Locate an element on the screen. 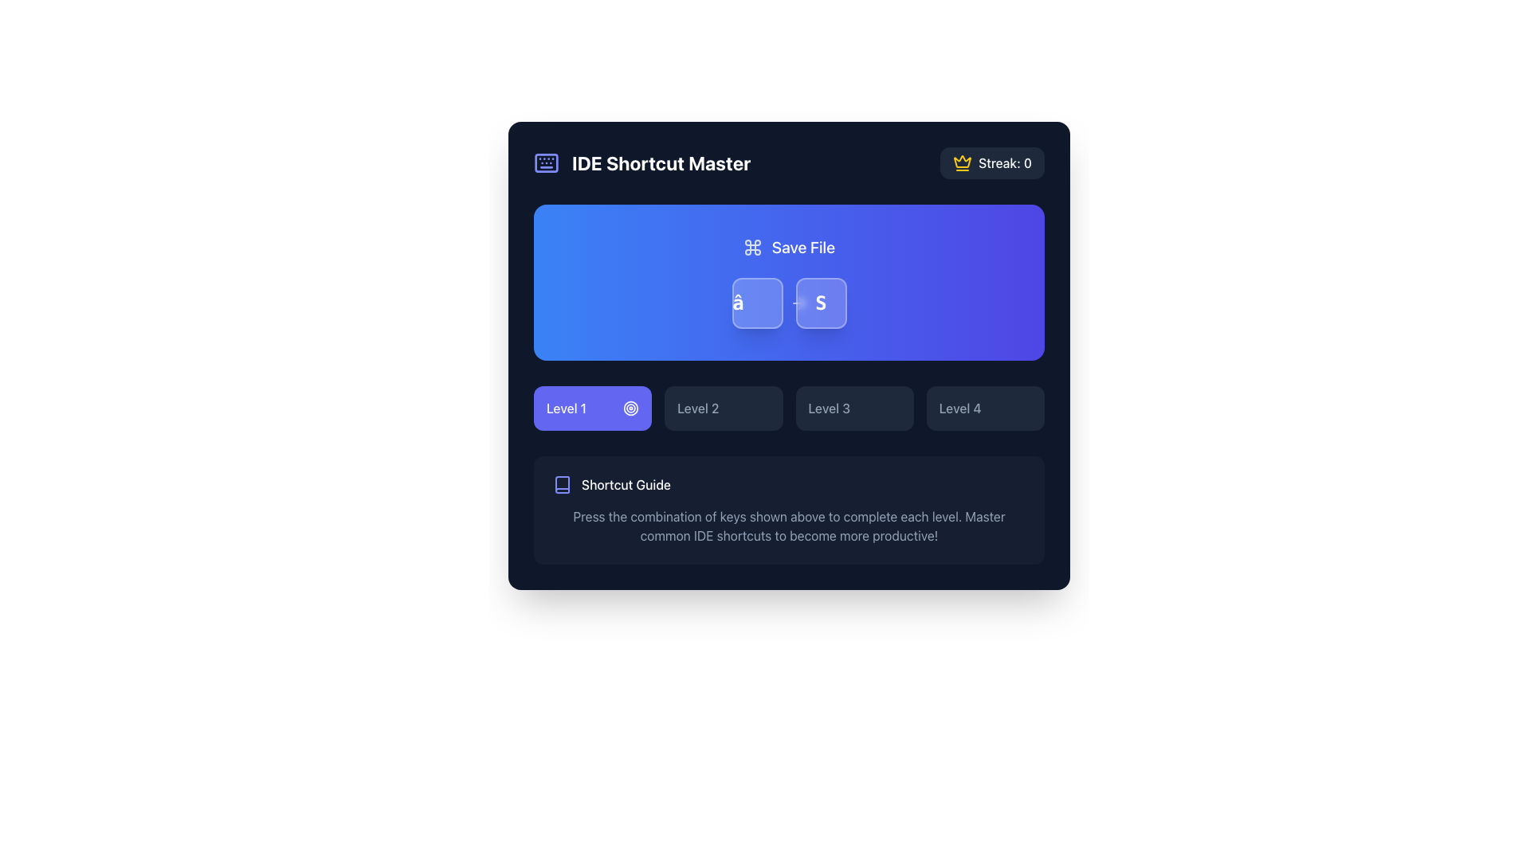  the direction of the arrow icon positioned to the right of the 'S' key representation within the shortcut card is located at coordinates (798, 303).